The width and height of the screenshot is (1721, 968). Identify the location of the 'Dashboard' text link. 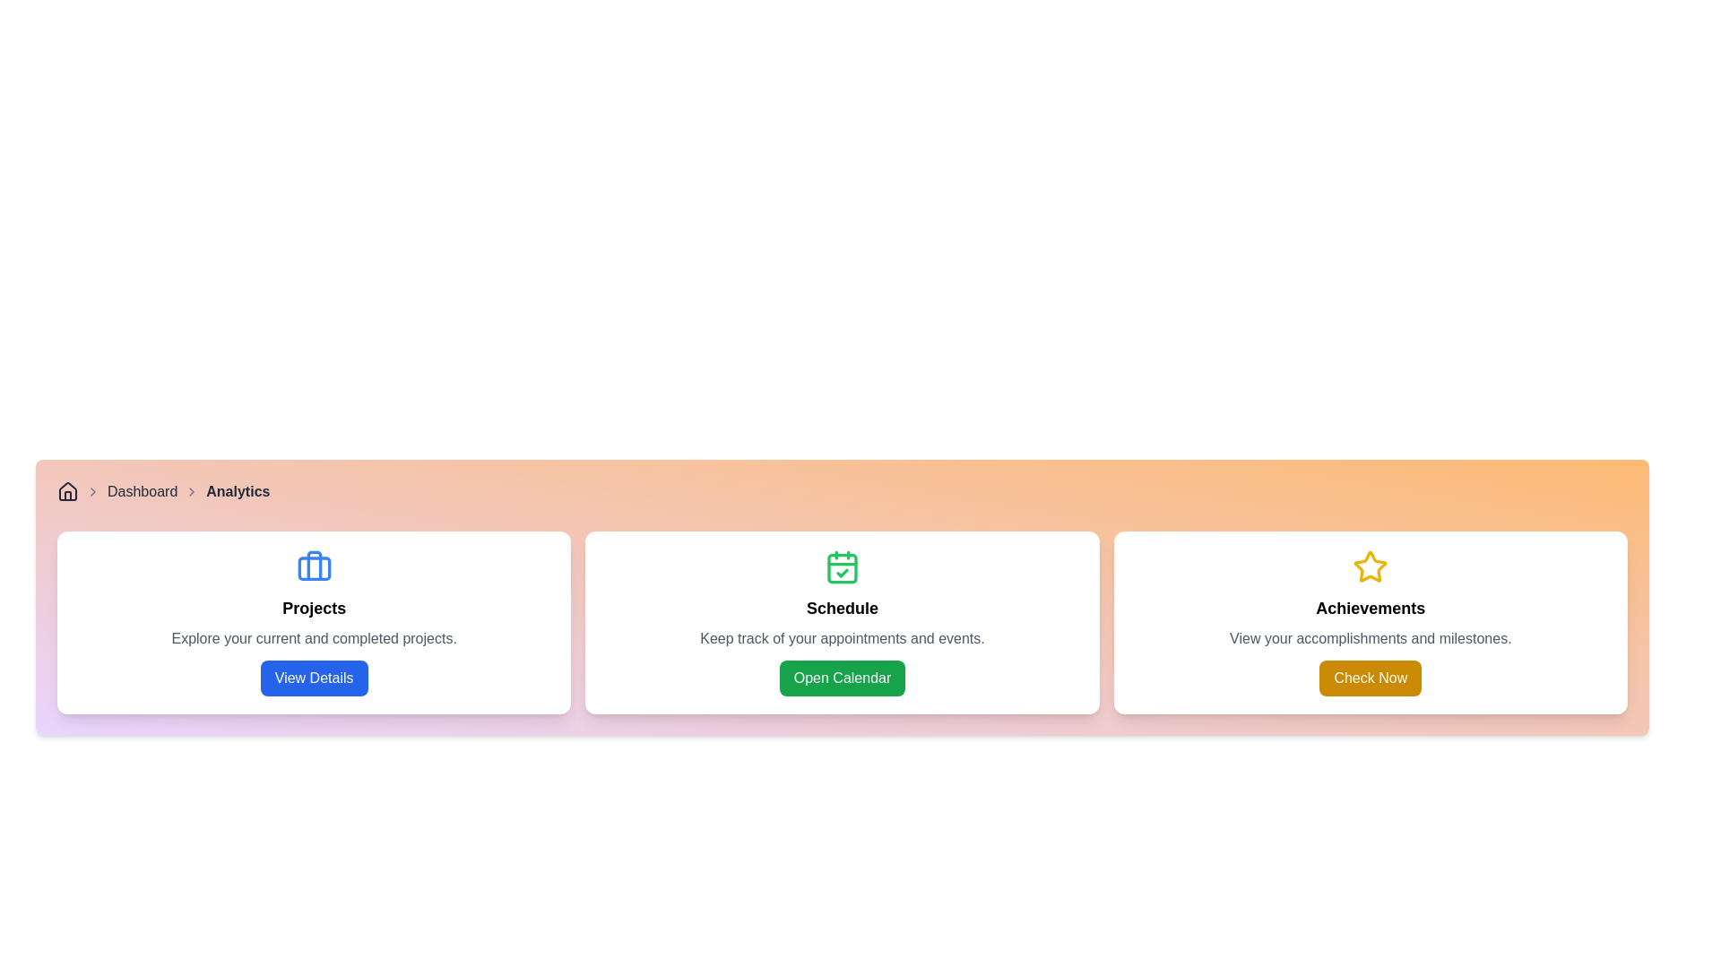
(142, 491).